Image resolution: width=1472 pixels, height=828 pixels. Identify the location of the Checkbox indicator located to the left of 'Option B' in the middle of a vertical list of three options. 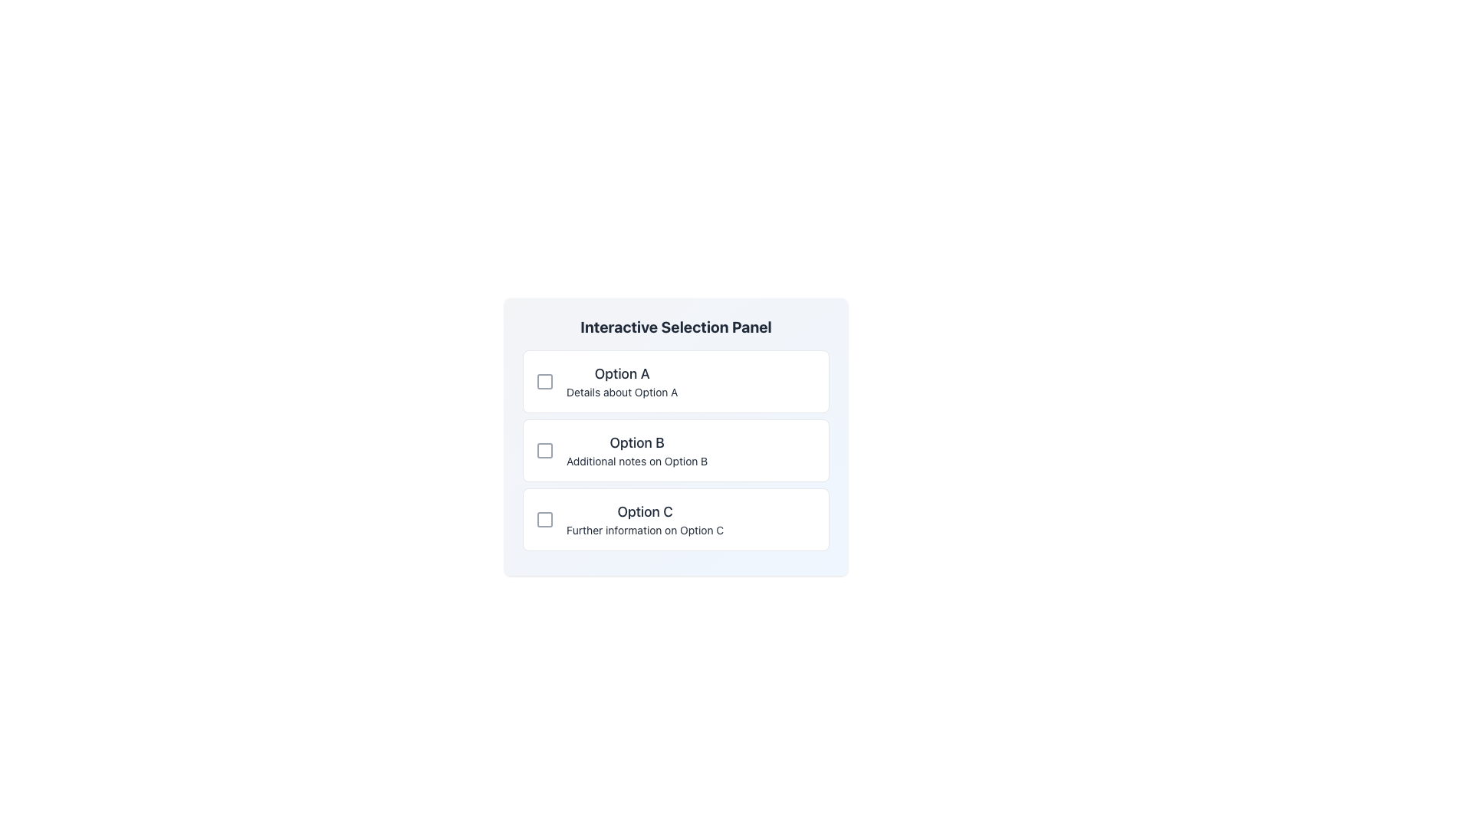
(544, 449).